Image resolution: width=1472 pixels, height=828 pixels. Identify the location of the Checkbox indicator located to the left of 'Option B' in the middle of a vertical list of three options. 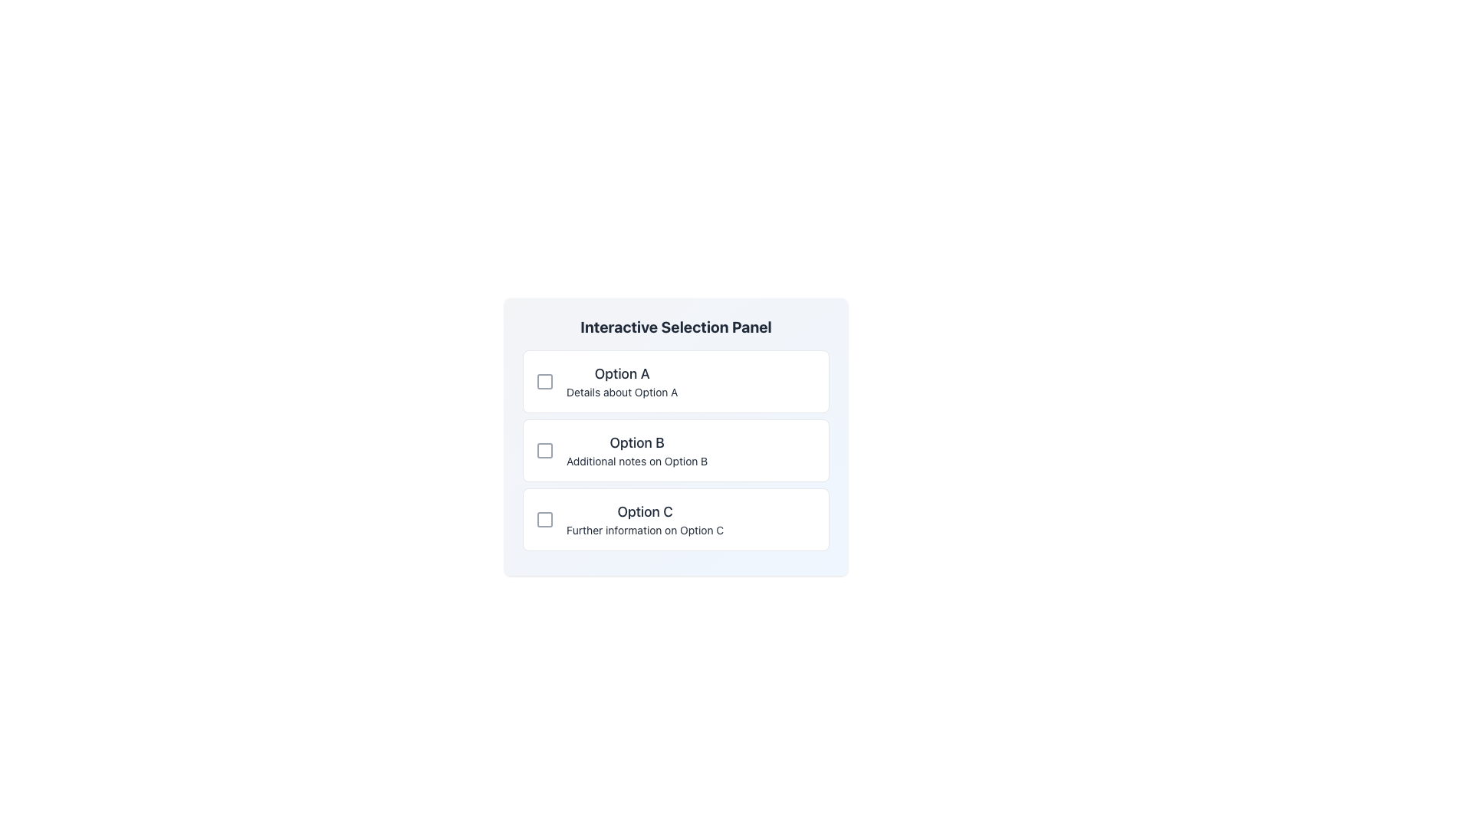
(544, 449).